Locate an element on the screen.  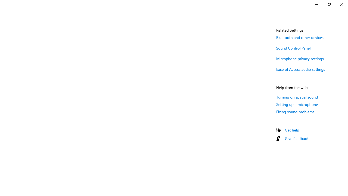
'Restore Settings' is located at coordinates (329, 4).